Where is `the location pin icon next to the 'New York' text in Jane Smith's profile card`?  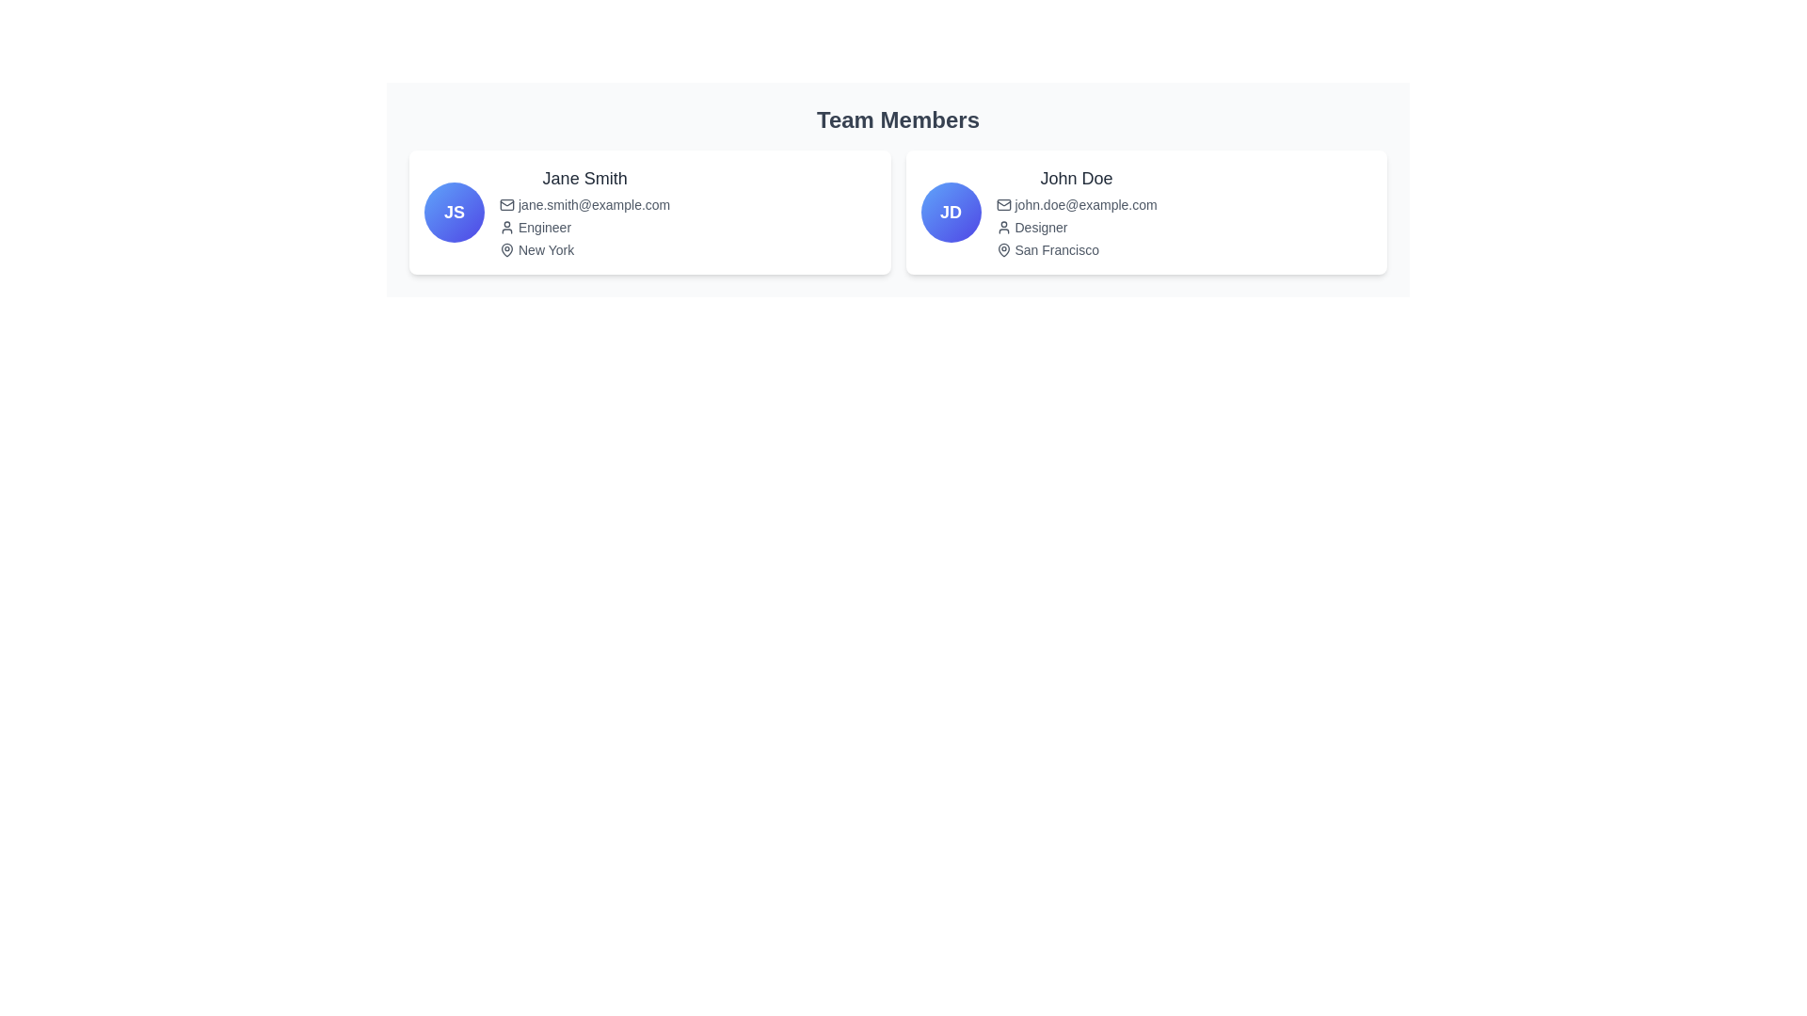 the location pin icon next to the 'New York' text in Jane Smith's profile card is located at coordinates (506, 249).